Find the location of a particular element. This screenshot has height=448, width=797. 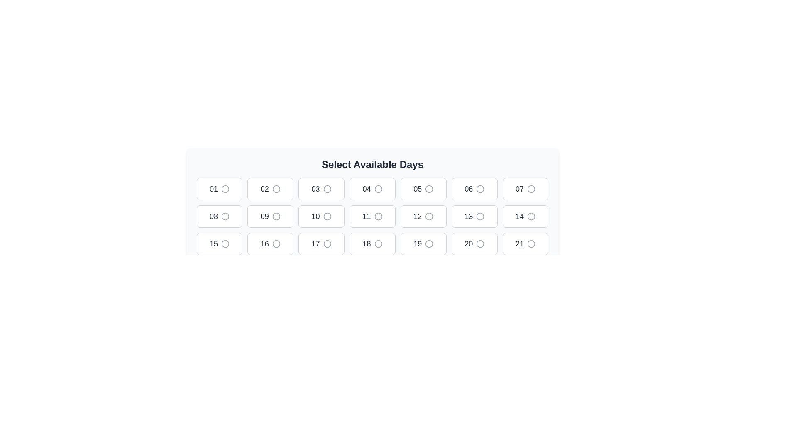

the circular graphical icon that indicates a selectable state related to the '03' button, positioned in the top row of the grid layout, third from the left is located at coordinates (327, 189).